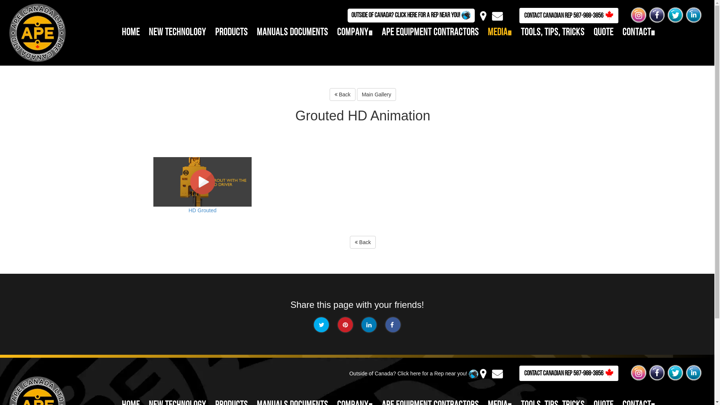  I want to click on 'pin to Pinterest', so click(345, 324).